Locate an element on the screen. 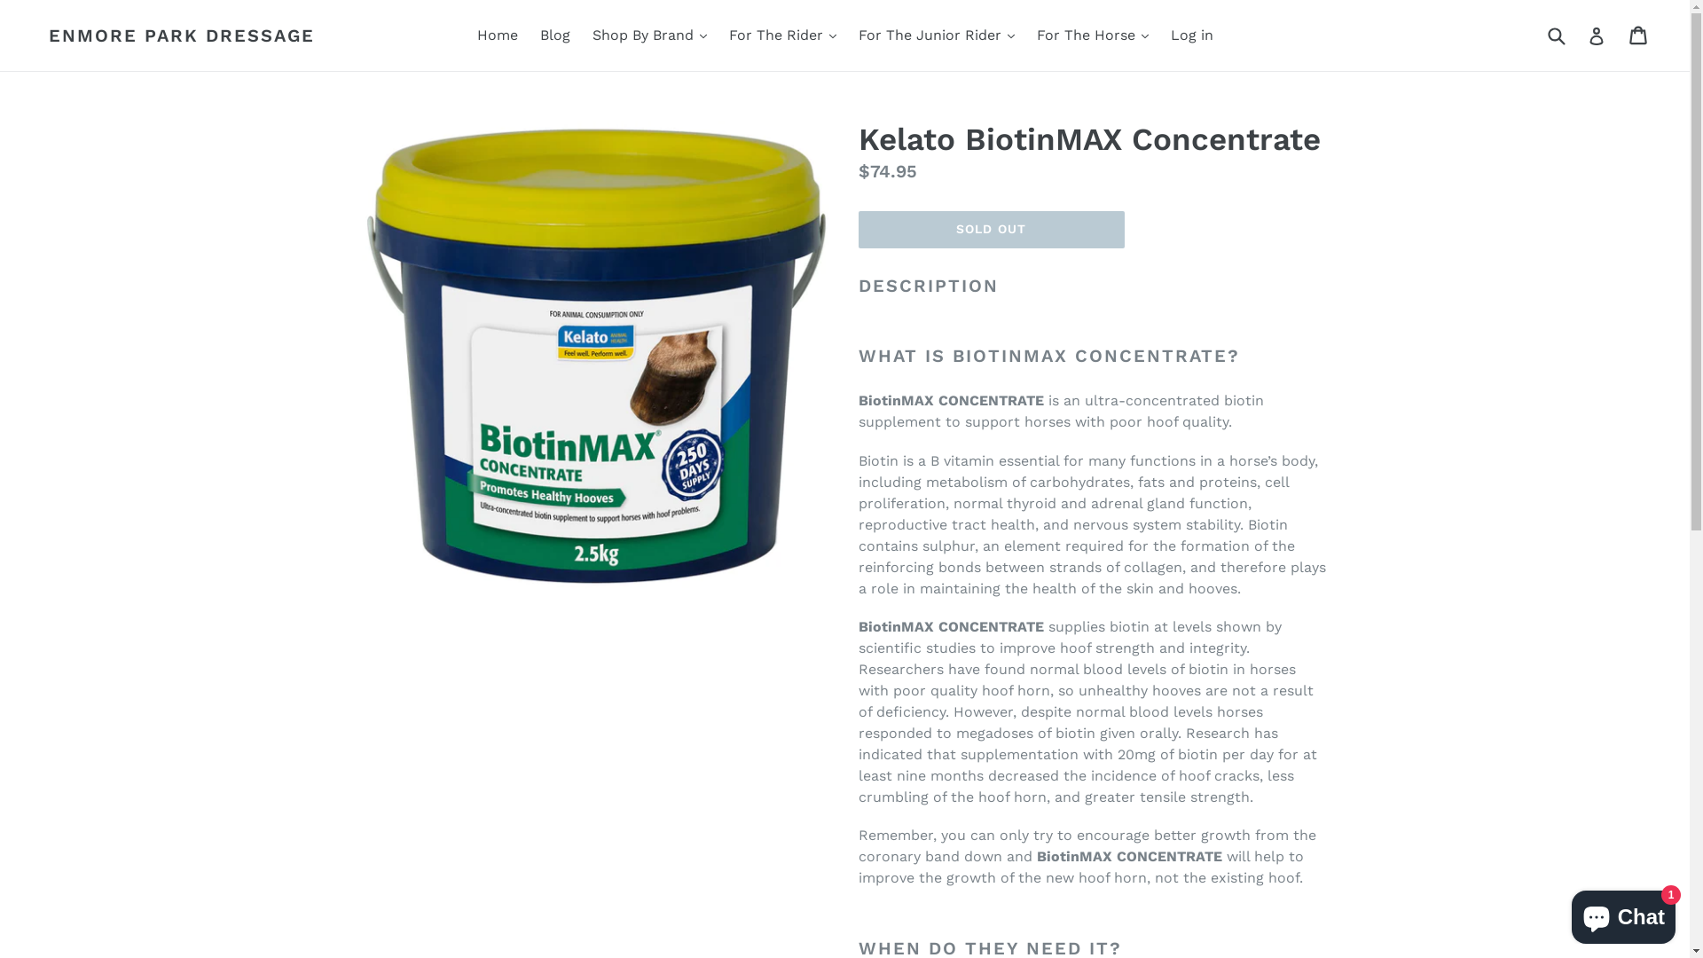 Image resolution: width=1703 pixels, height=958 pixels. 'Blog' is located at coordinates (553, 35).